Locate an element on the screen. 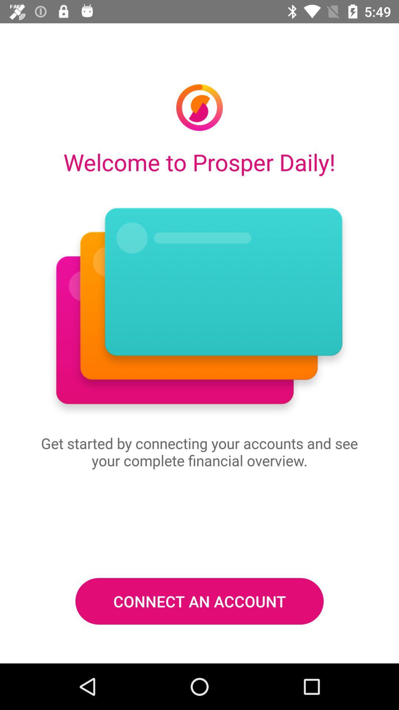 This screenshot has width=399, height=710. the item below the get started by item is located at coordinates (199, 601).